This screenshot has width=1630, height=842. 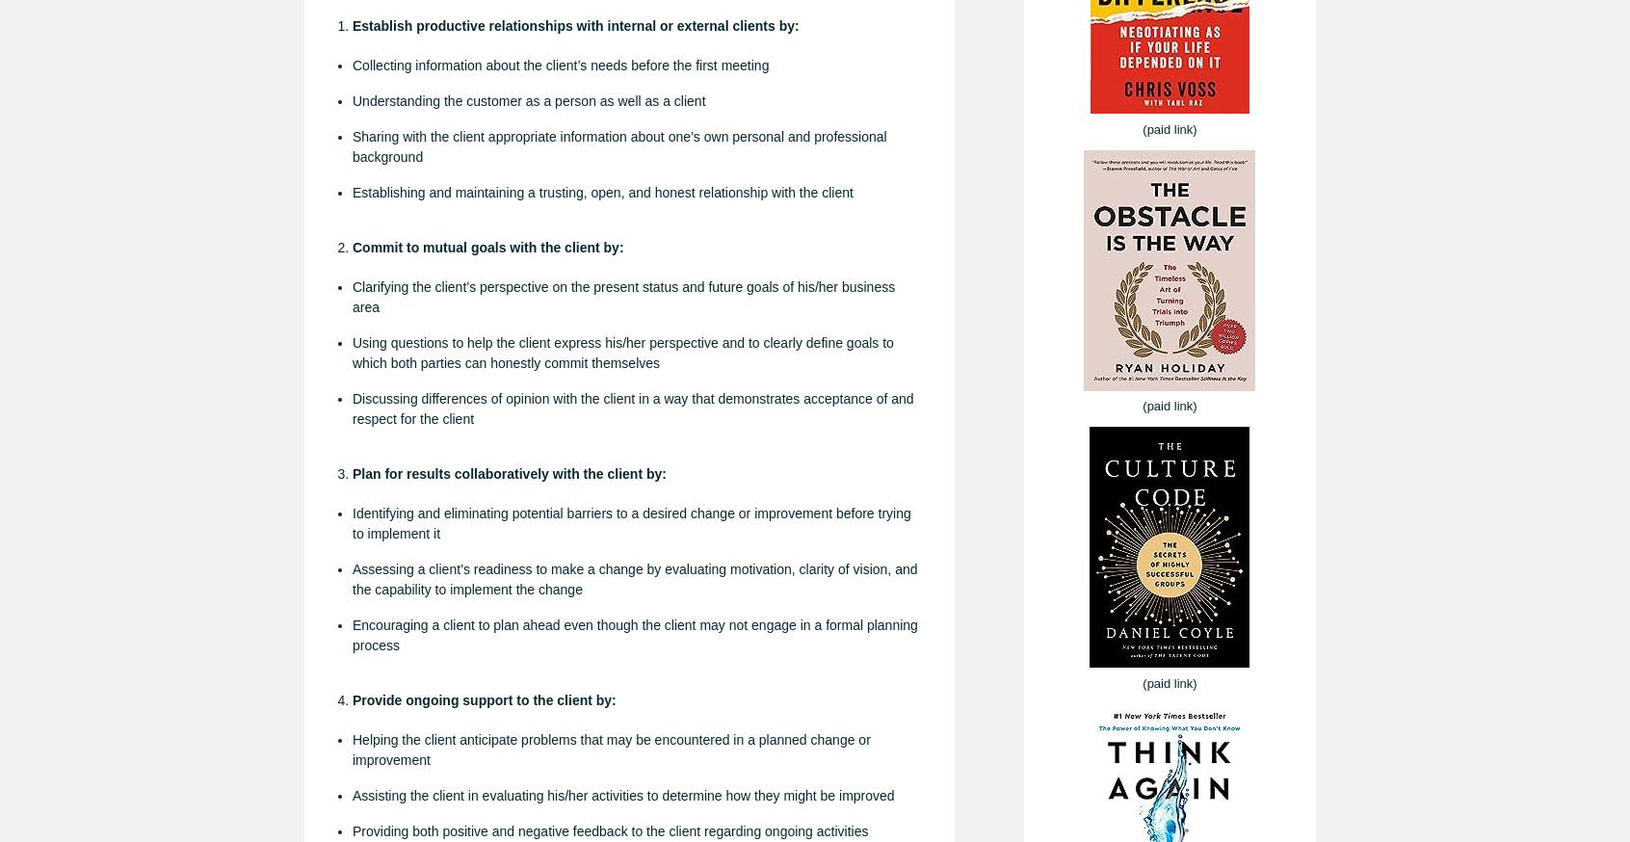 What do you see at coordinates (560, 64) in the screenshot?
I see `'Collecting information about the client’s needs before the first meeting'` at bounding box center [560, 64].